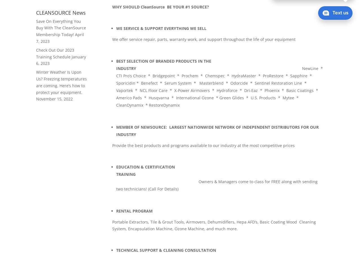  What do you see at coordinates (217, 130) in the screenshot?
I see `'MEMBER OF NEWSOURCE:  LARGEST NATIONWIDE NETWORK OF INDEPENDENT DISTRIBUTORS FOR OUR INDUSTRY'` at bounding box center [217, 130].